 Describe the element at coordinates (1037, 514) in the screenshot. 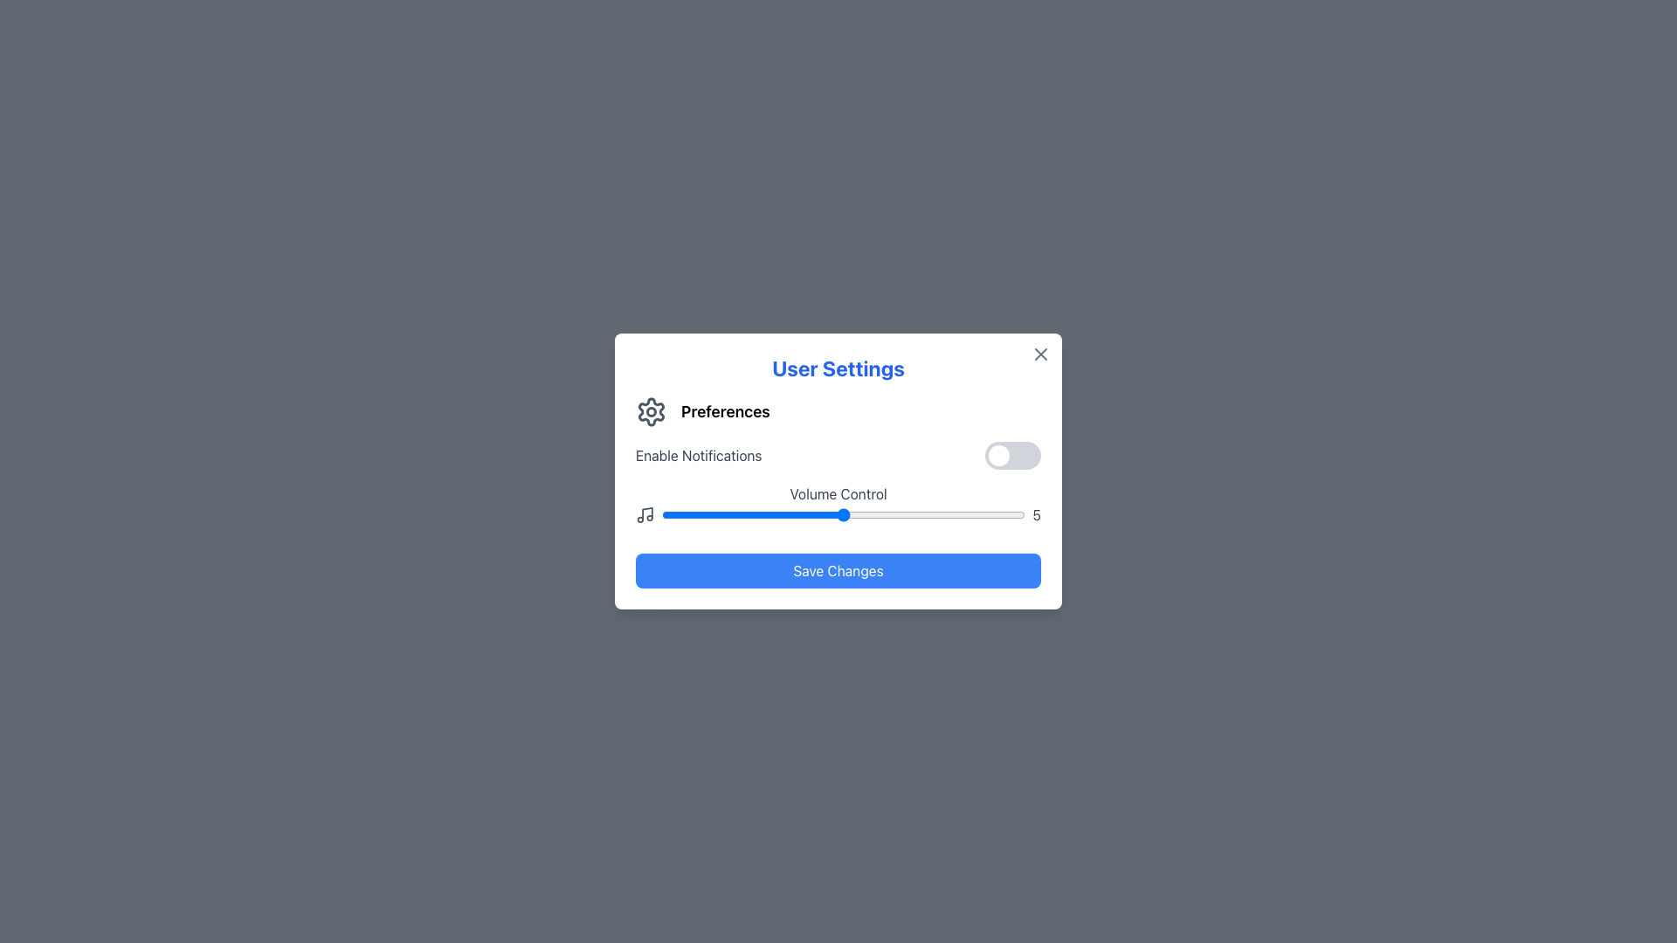

I see `the small gray text label displaying the number '5', which is positioned next to the volume control slider in the bottom right of the interface` at that location.